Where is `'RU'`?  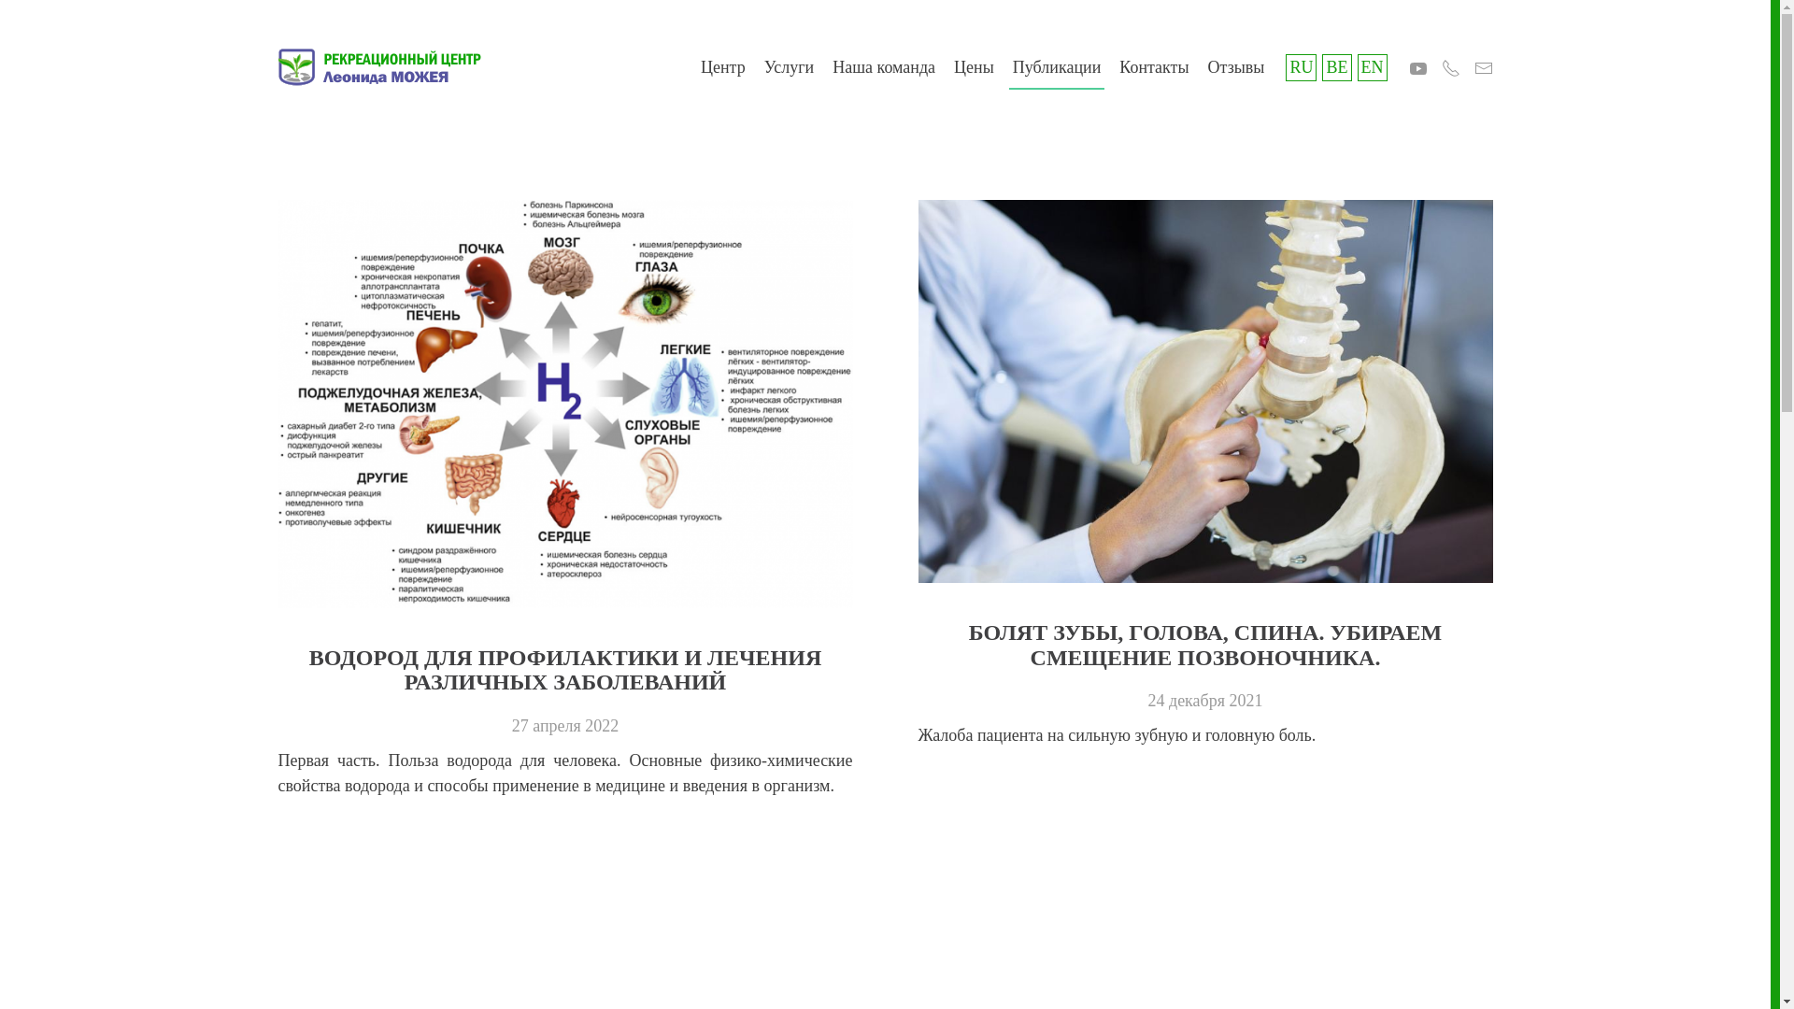
'RU' is located at coordinates (1300, 66).